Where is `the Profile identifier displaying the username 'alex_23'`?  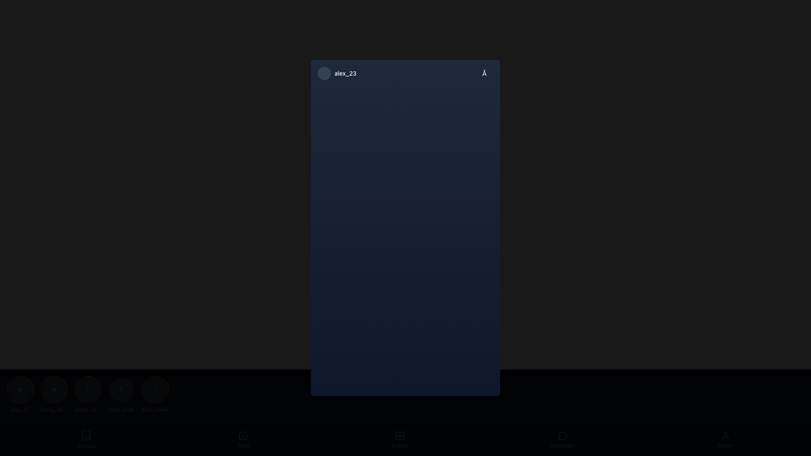
the Profile identifier displaying the username 'alex_23' is located at coordinates (336, 73).